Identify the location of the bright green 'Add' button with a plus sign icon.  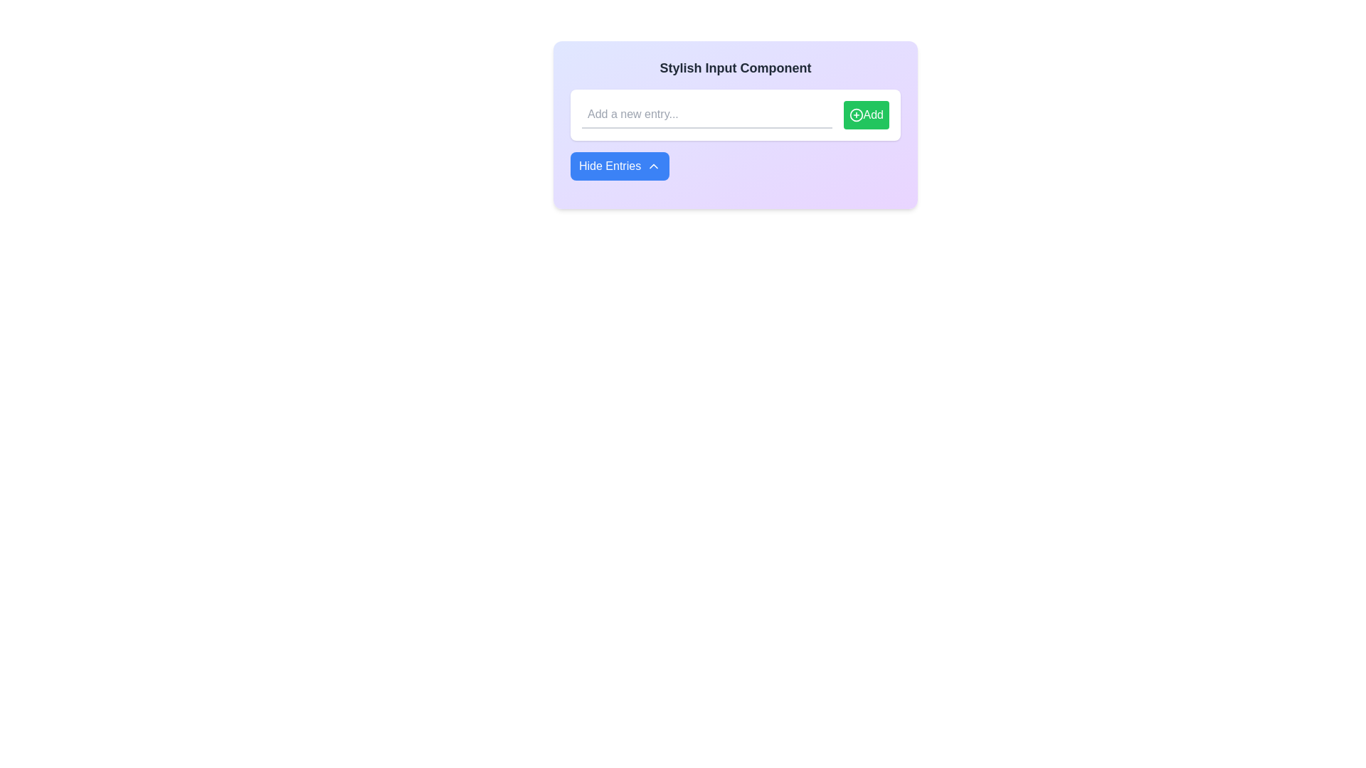
(865, 114).